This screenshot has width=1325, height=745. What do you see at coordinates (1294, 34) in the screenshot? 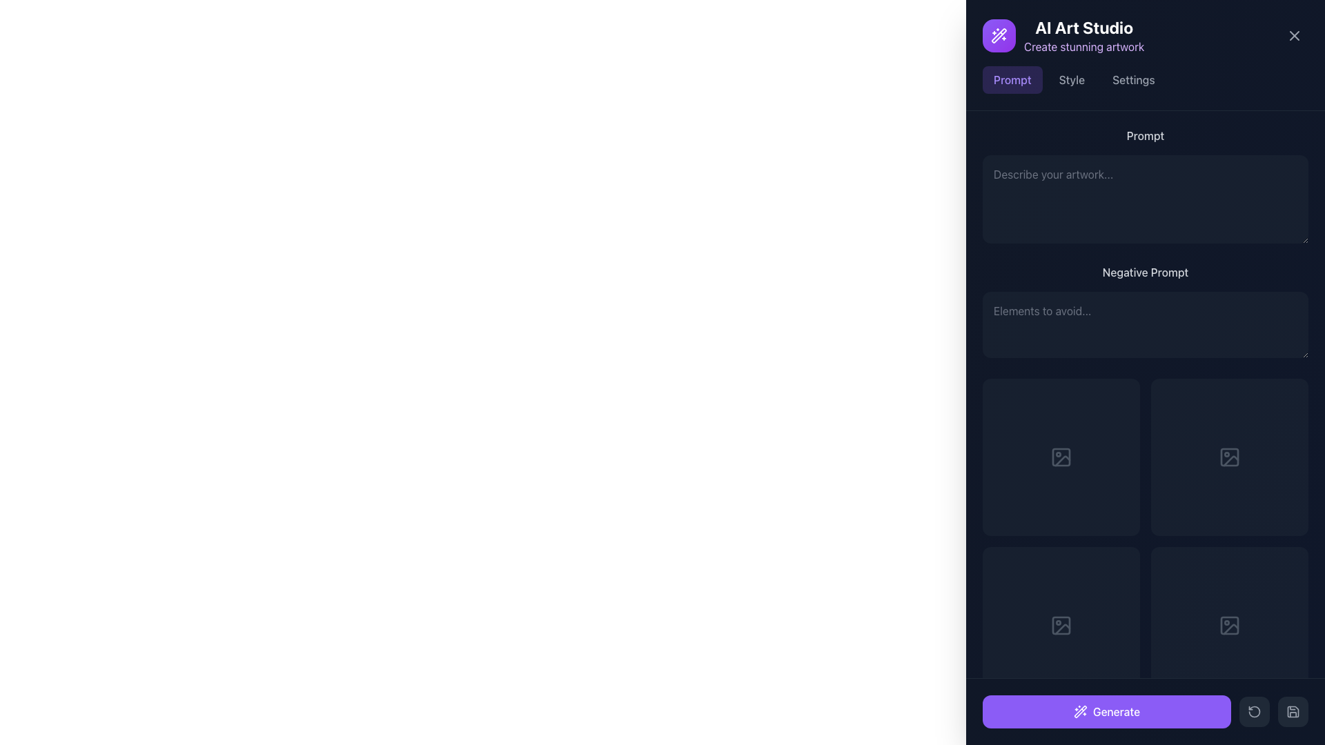
I see `the close button icon, a small cross-shaped gray icon located at the top right corner of the UI sidebar next to the 'AI Art Studio' title` at bounding box center [1294, 34].